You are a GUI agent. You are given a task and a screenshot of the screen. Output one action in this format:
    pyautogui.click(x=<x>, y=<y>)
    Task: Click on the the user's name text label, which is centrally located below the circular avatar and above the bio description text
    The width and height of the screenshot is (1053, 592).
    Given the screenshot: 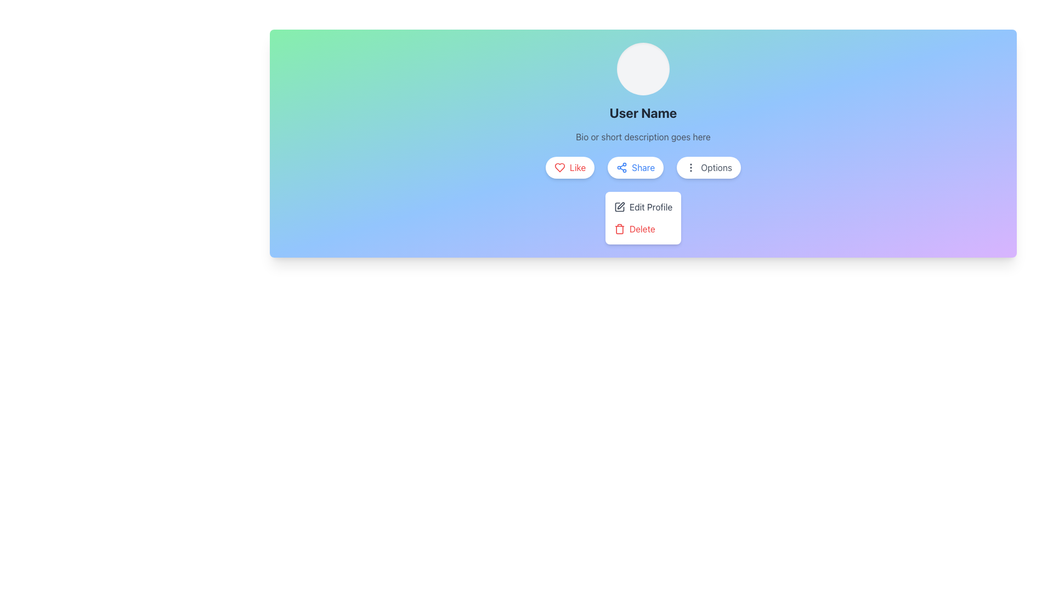 What is the action you would take?
    pyautogui.click(x=643, y=112)
    